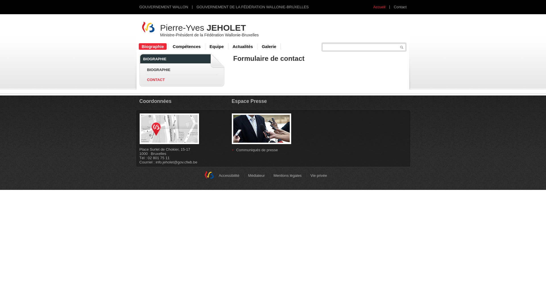 The height and width of the screenshot is (307, 546). I want to click on 'Biographie', so click(153, 46).